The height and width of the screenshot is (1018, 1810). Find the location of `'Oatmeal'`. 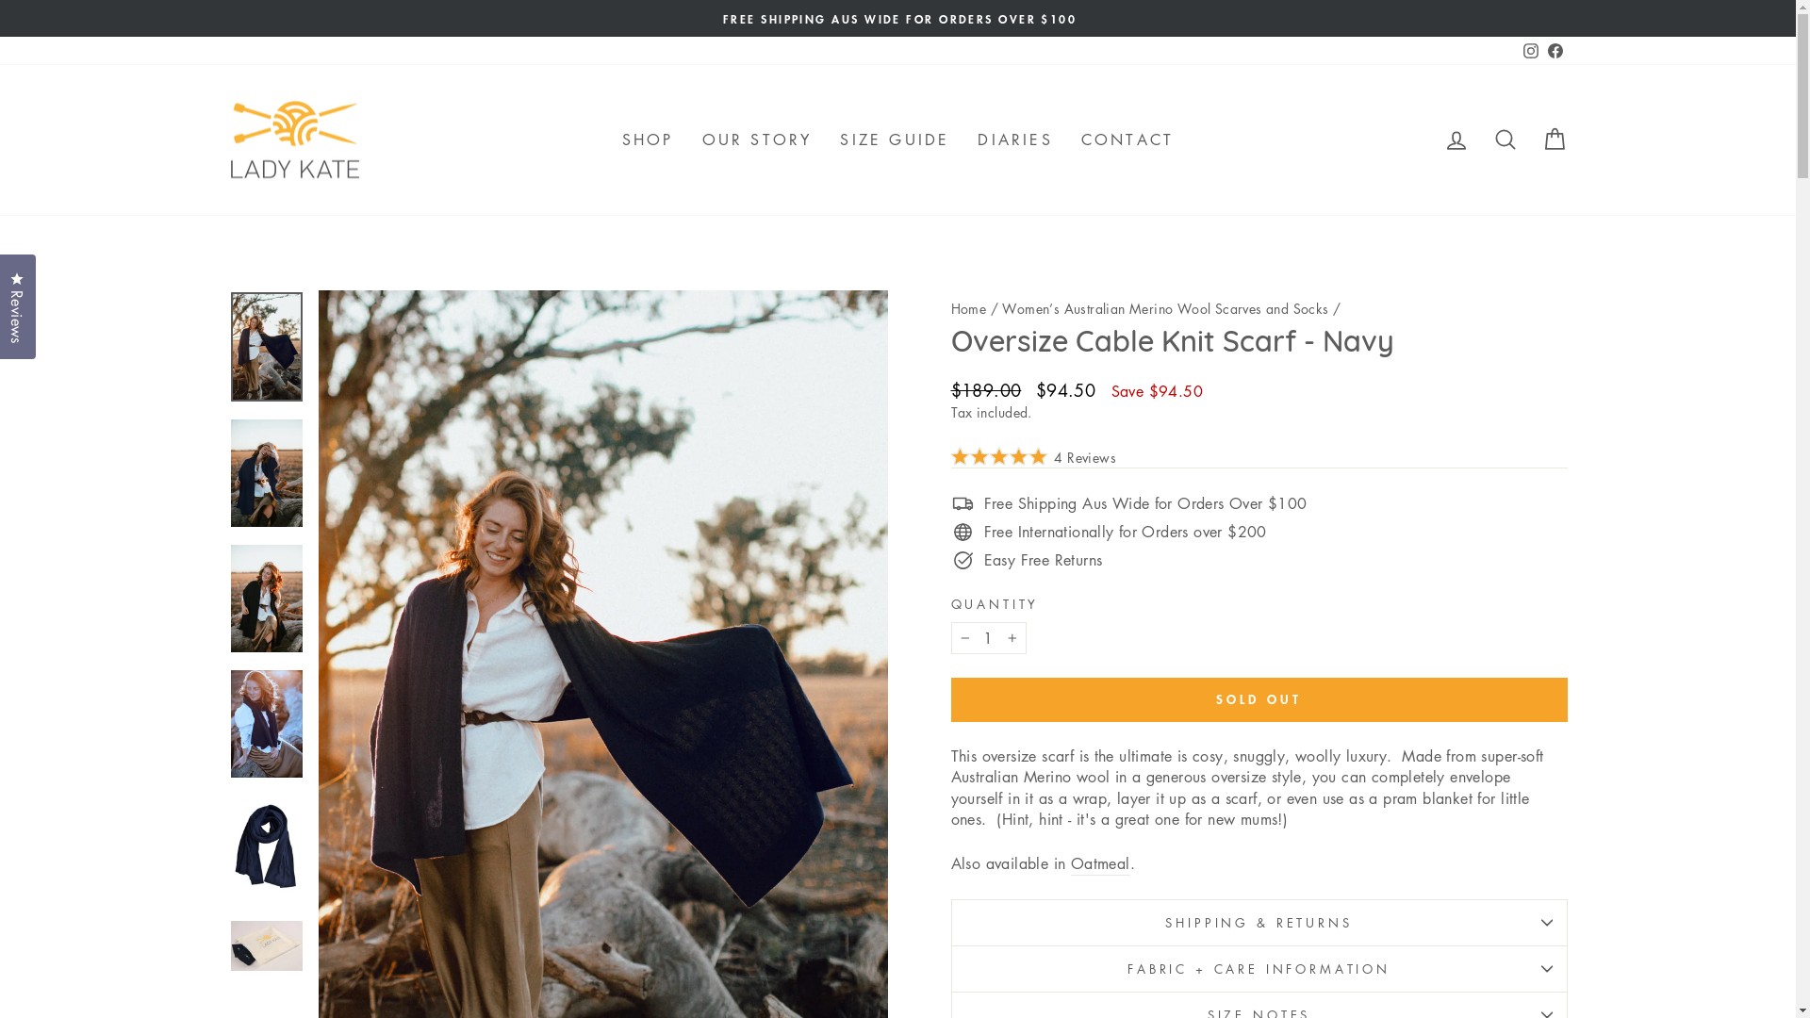

'Oatmeal' is located at coordinates (1100, 863).